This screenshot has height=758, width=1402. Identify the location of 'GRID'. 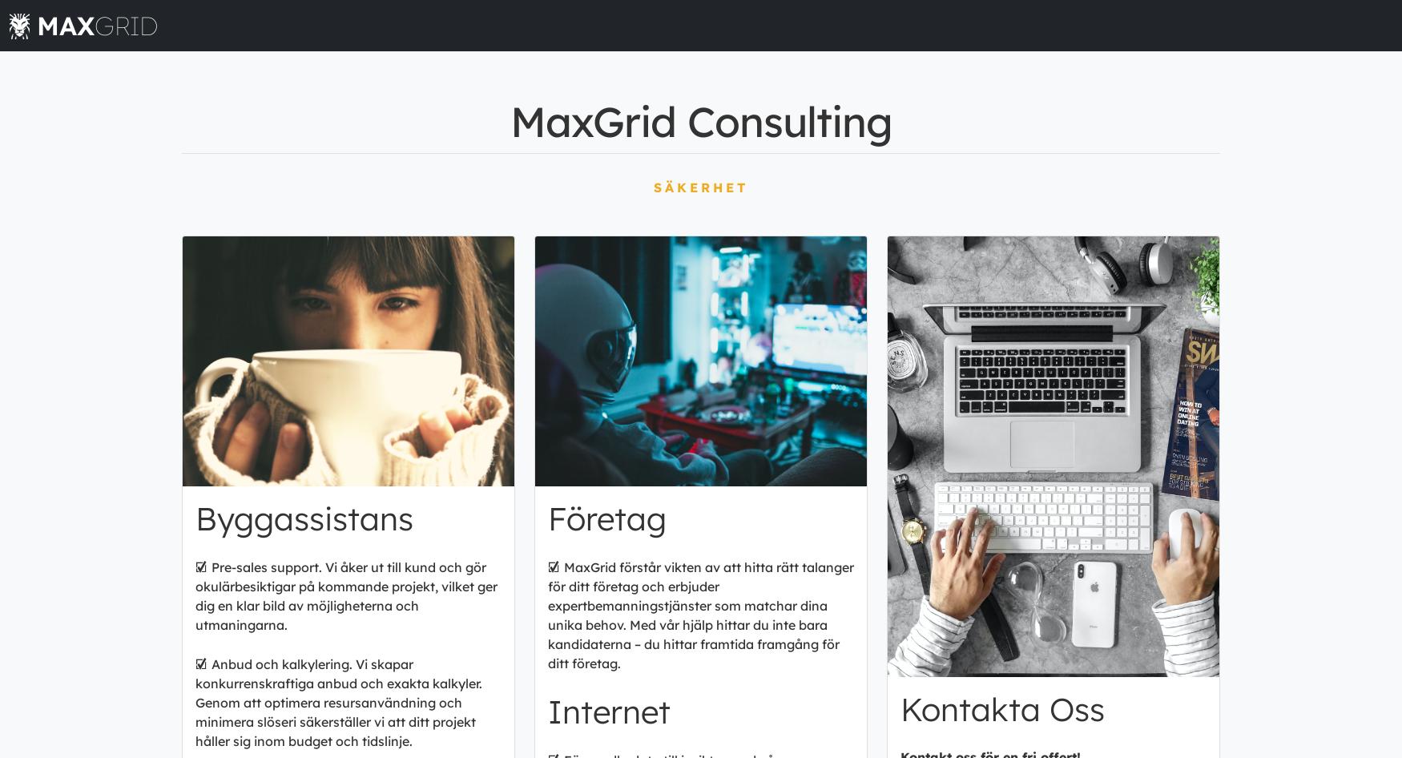
(126, 25).